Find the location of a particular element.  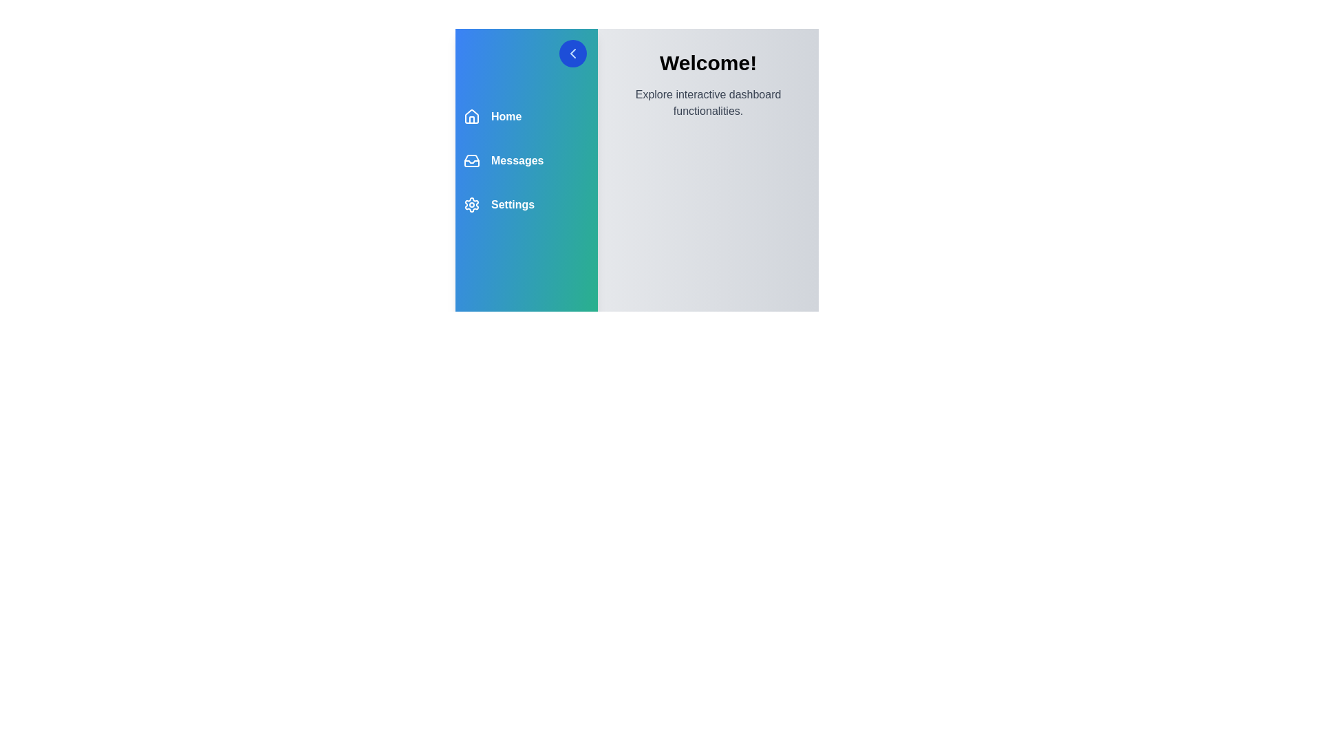

the circular button with a blue background located at the top right corner of the sidebar is located at coordinates (573, 52).